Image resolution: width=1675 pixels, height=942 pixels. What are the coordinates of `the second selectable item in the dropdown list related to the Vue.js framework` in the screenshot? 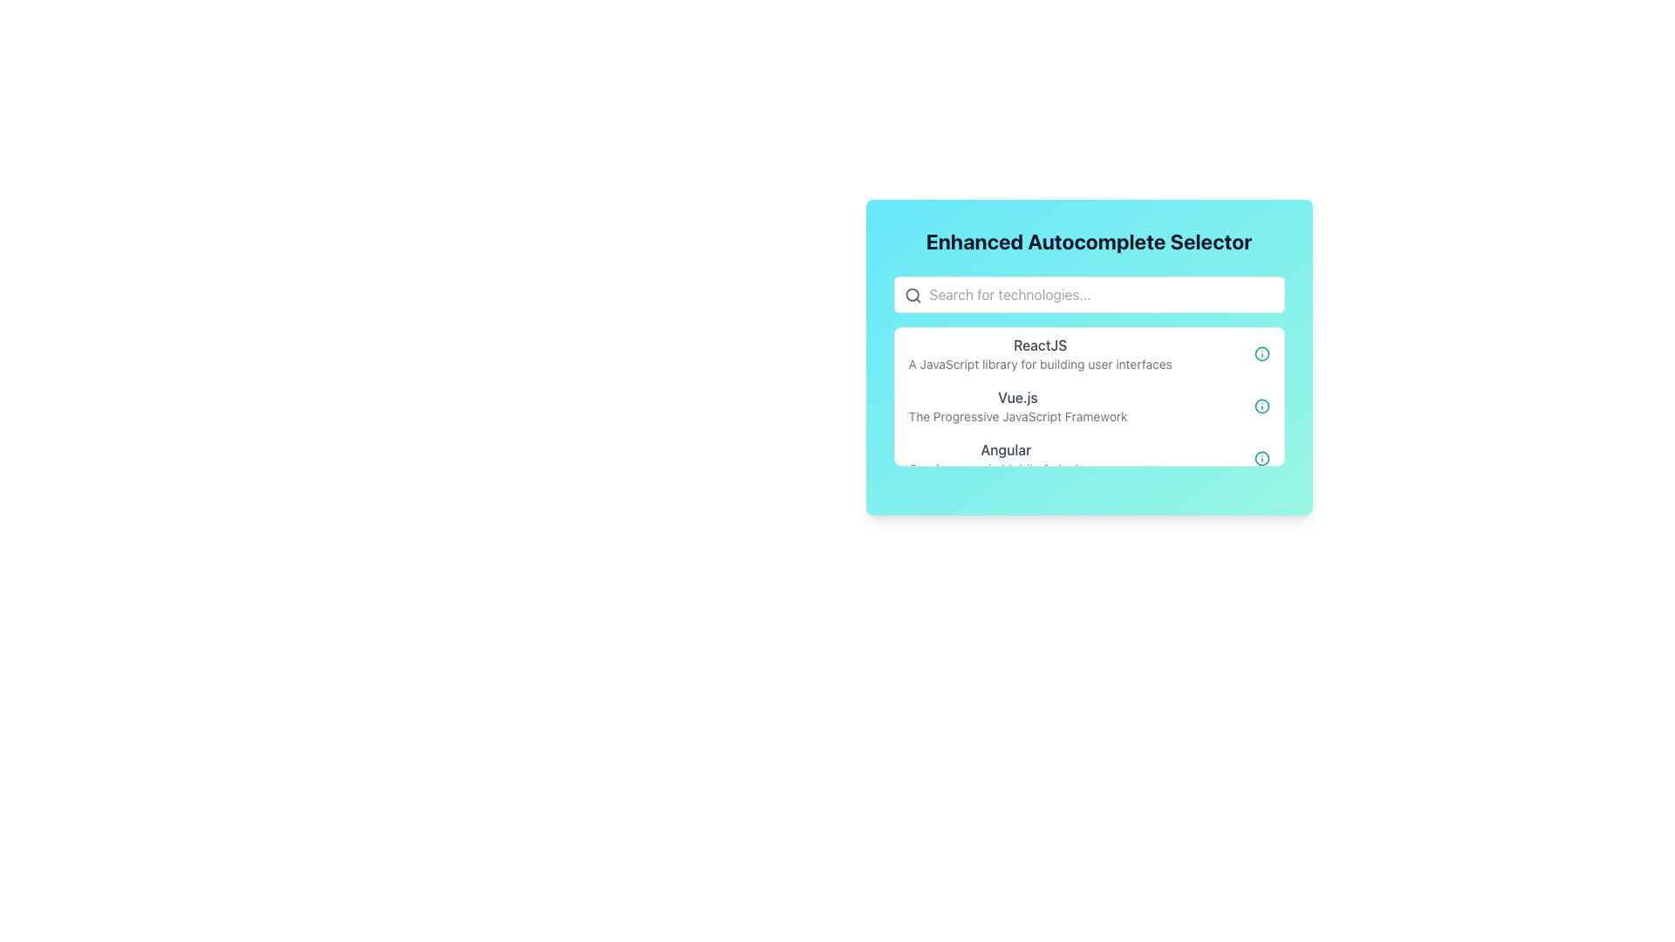 It's located at (1088, 406).